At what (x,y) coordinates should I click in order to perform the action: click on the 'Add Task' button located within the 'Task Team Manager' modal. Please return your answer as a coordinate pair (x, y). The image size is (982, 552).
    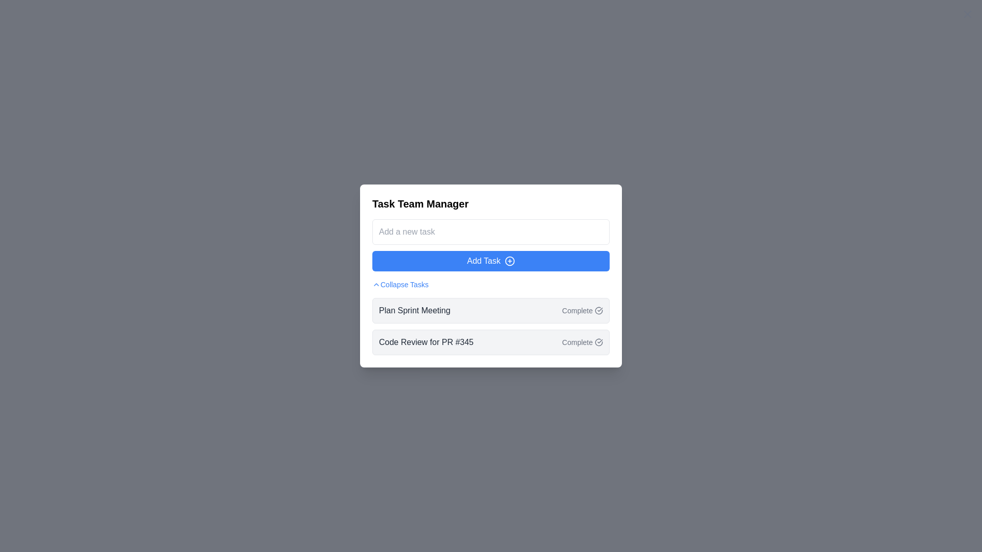
    Looking at the image, I should click on (491, 276).